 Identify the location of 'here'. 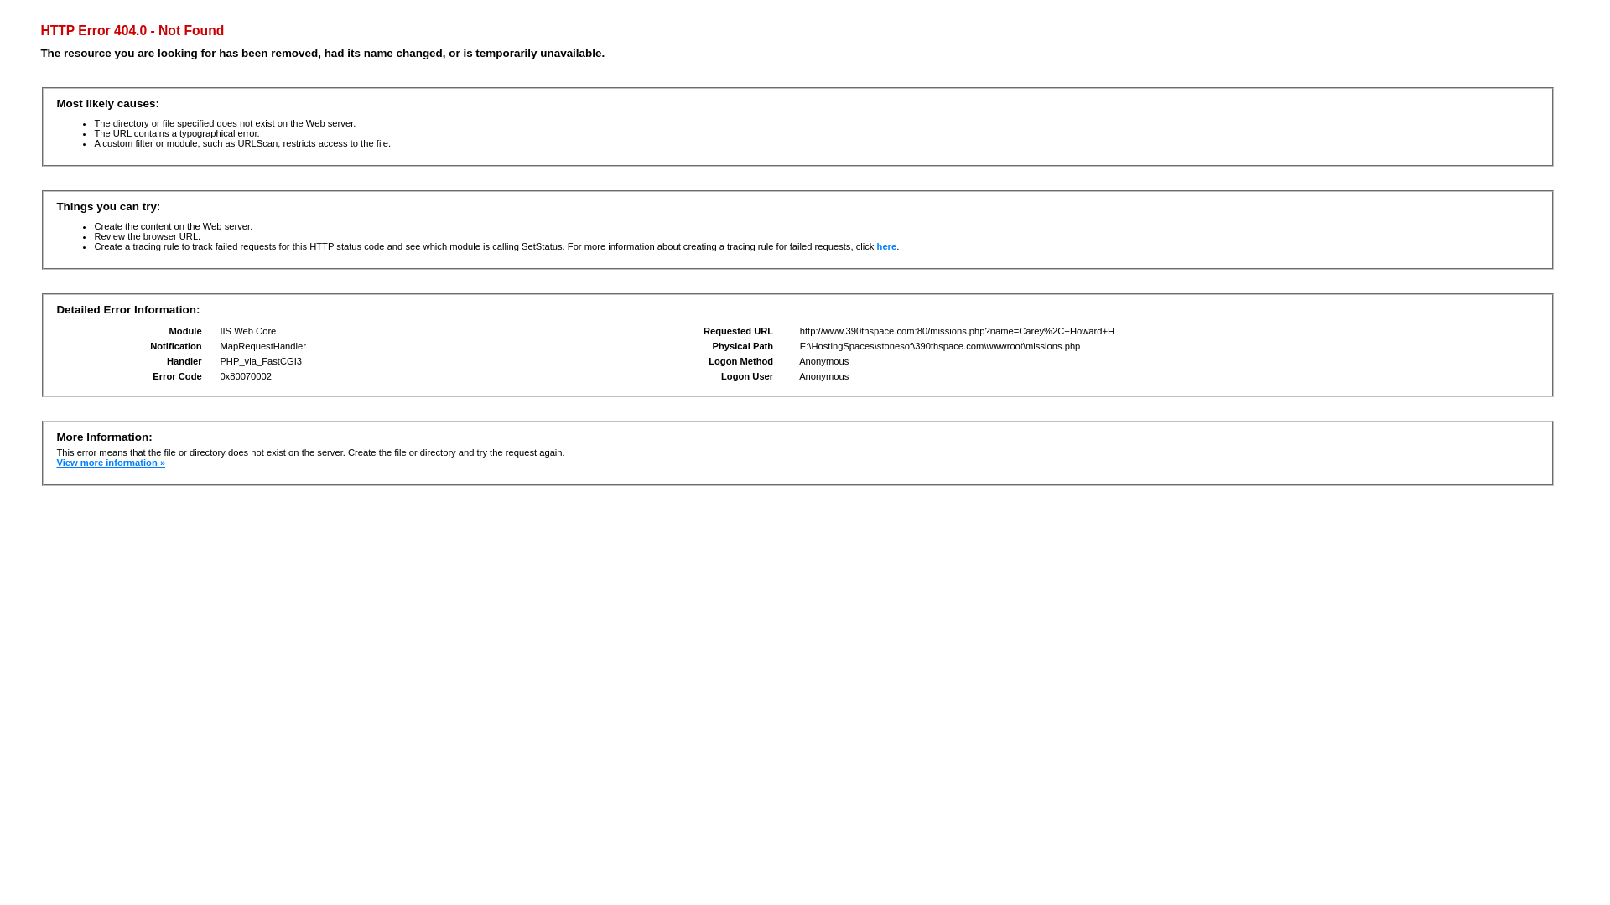
(876, 246).